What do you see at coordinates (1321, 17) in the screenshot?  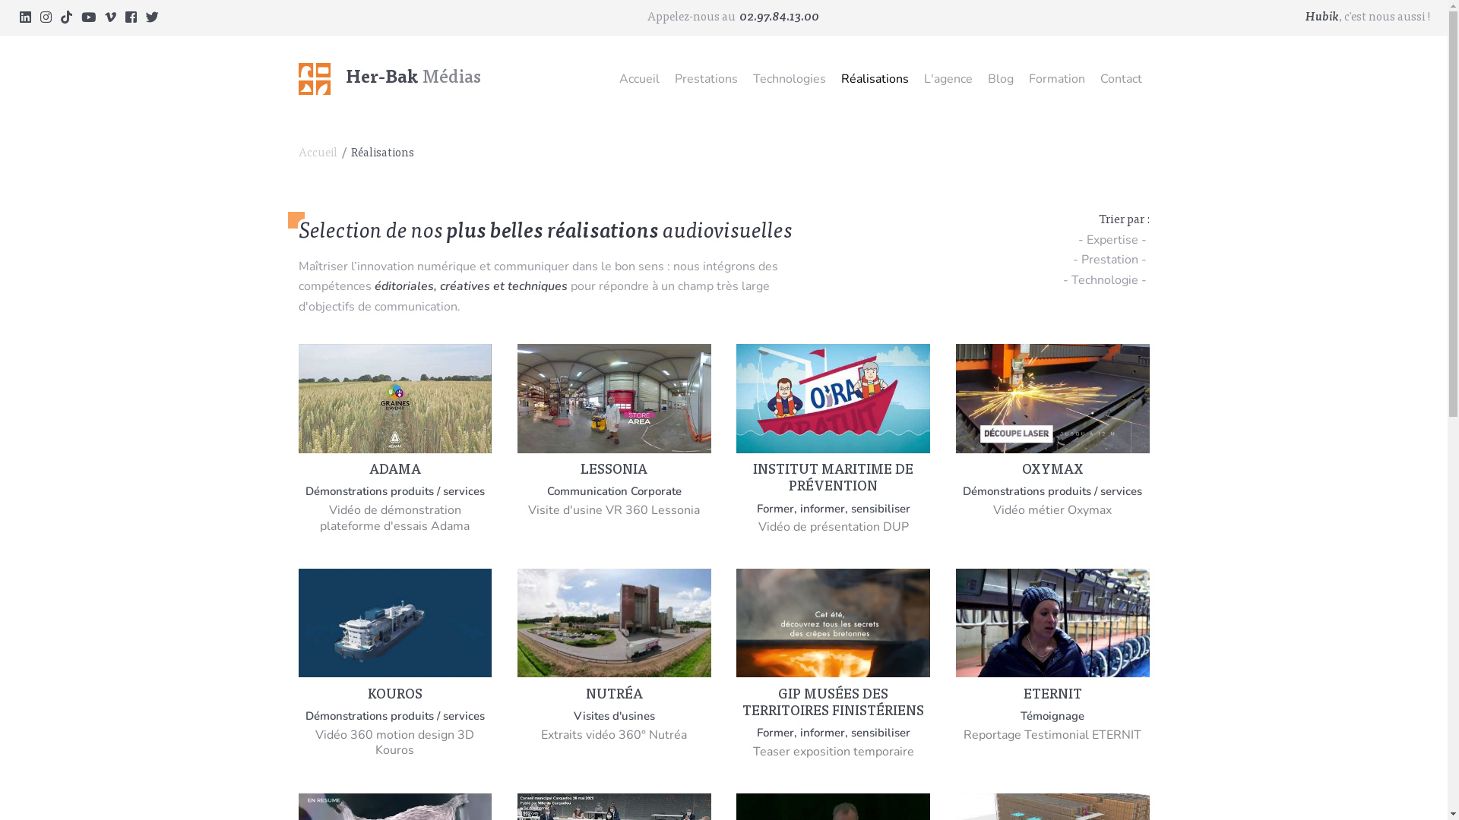 I see `'Hubik'` at bounding box center [1321, 17].